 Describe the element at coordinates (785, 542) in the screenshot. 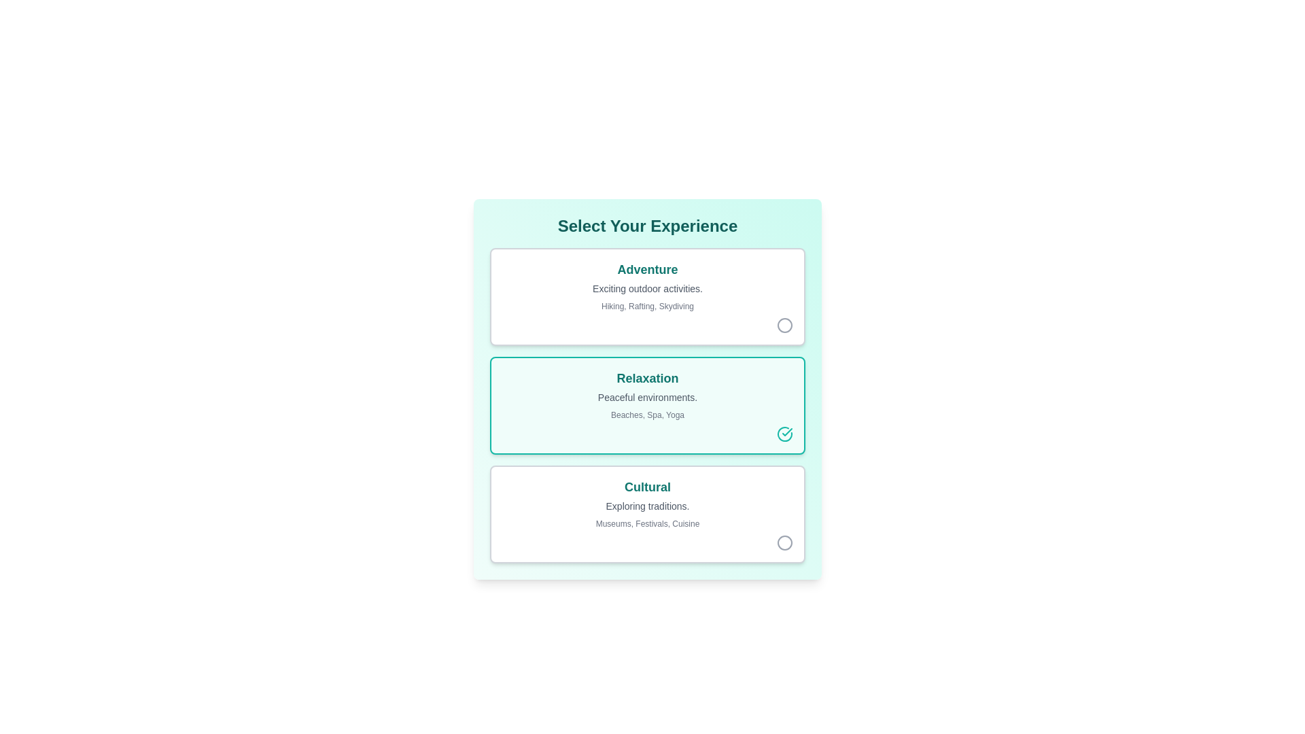

I see `the Radio button indicating the selection state for the 'Cultural' option, located at the bottom-right corner of the 'Cultural' option card` at that location.